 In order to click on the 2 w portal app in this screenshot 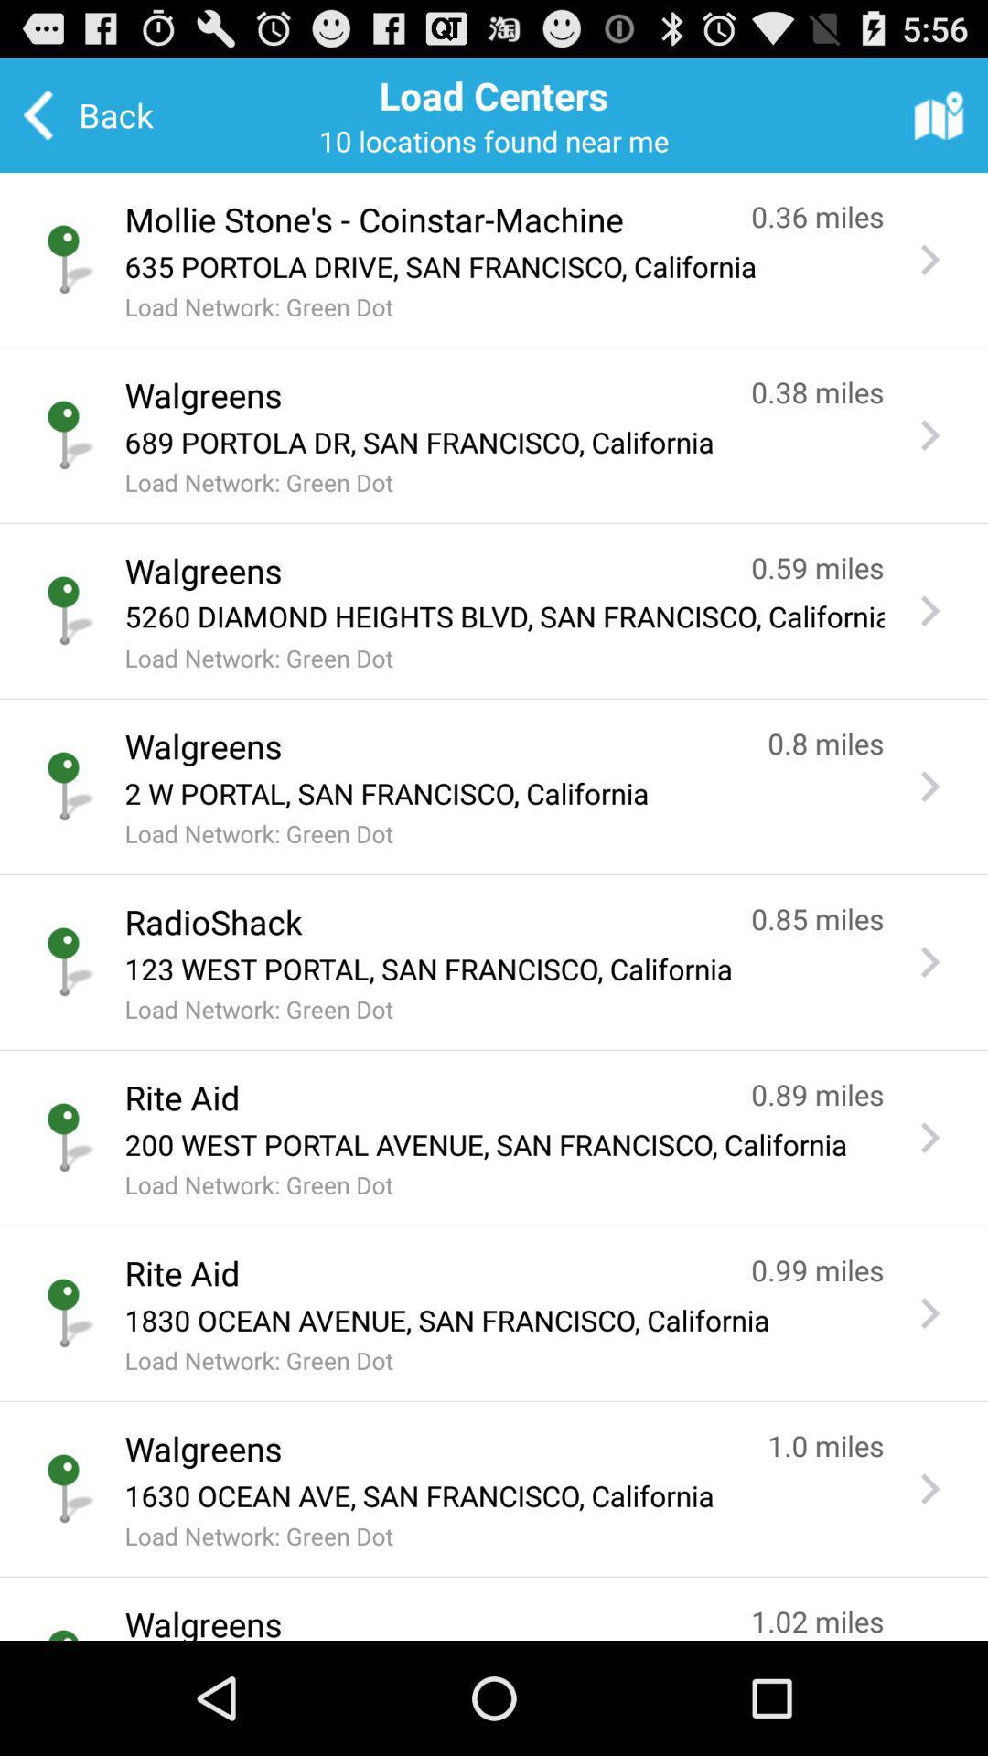, I will do `click(504, 793)`.